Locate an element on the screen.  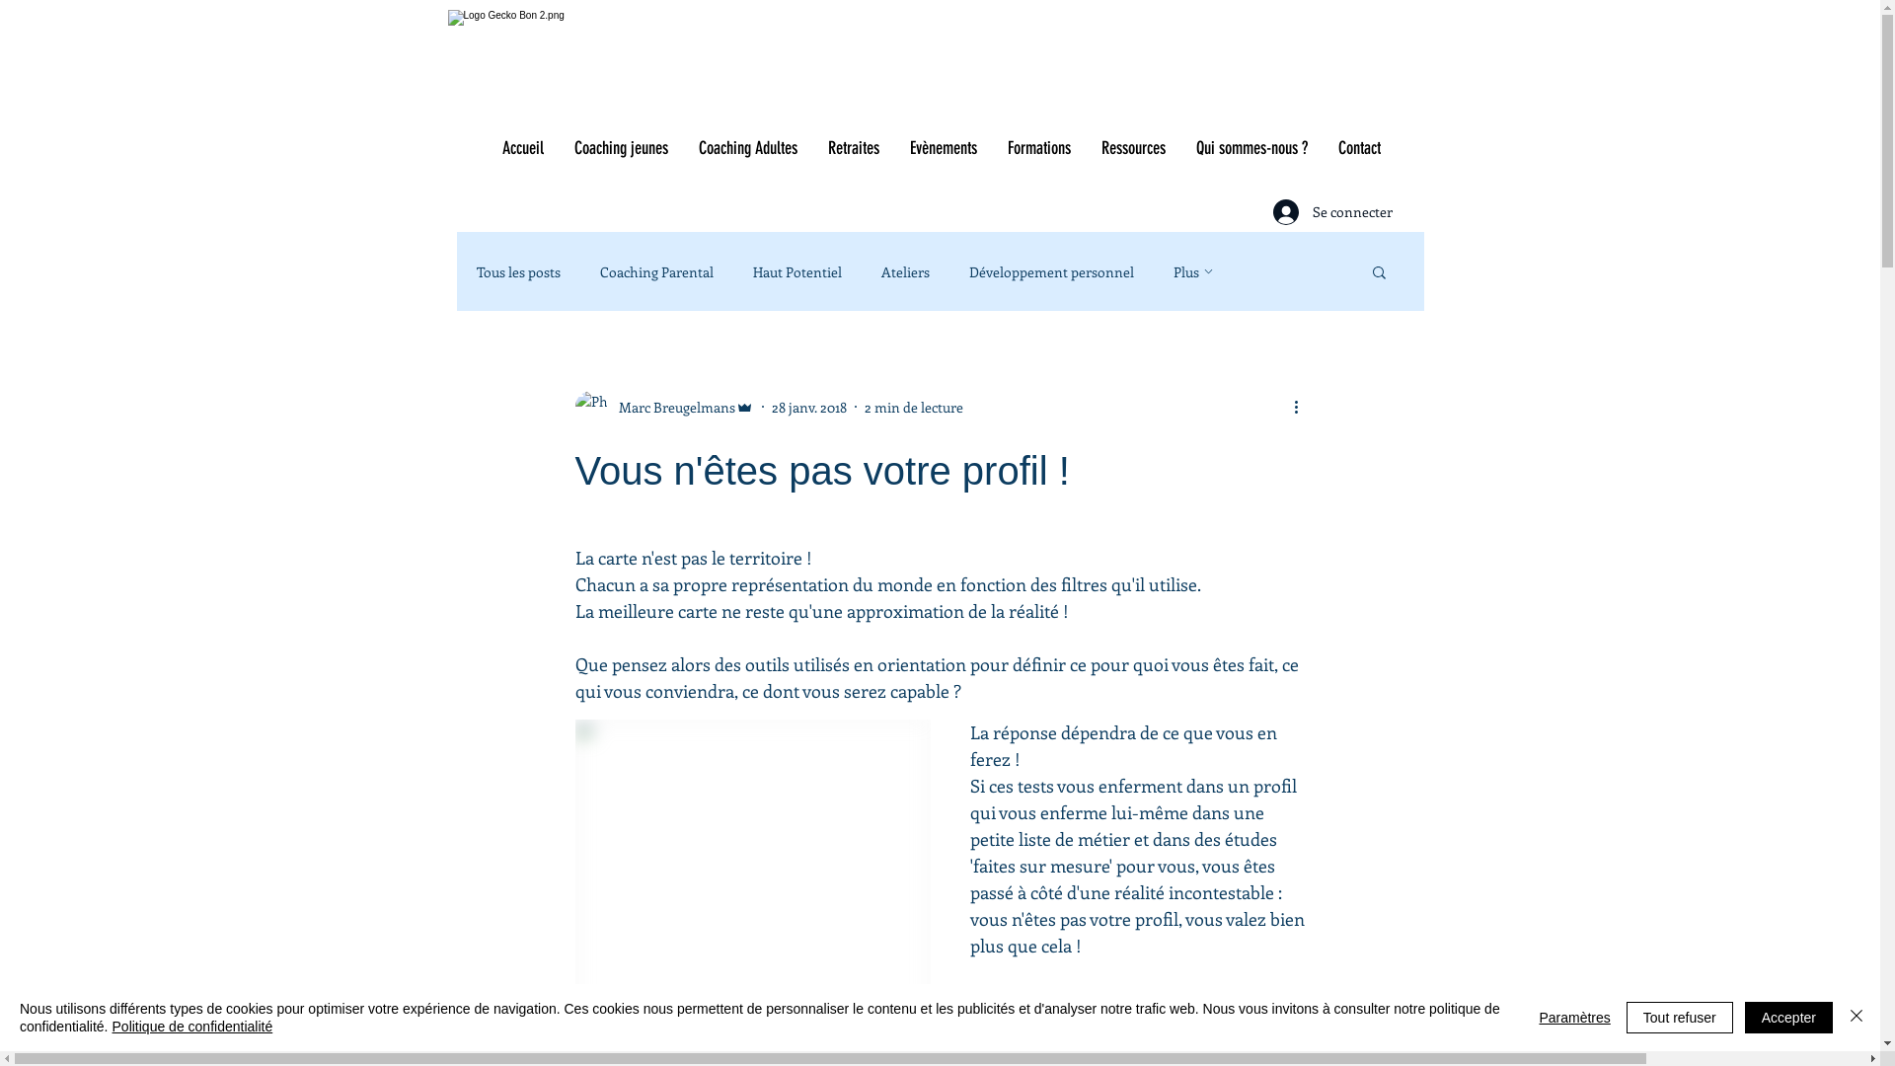
'Formations' is located at coordinates (1036, 147).